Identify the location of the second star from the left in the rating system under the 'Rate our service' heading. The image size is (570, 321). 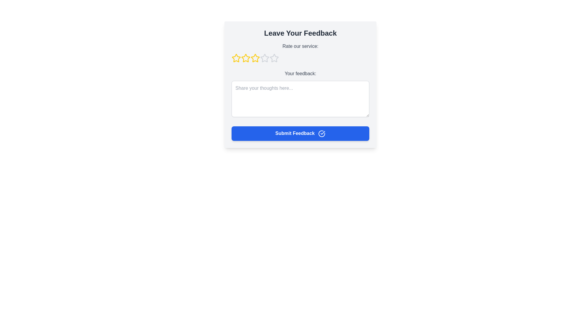
(246, 58).